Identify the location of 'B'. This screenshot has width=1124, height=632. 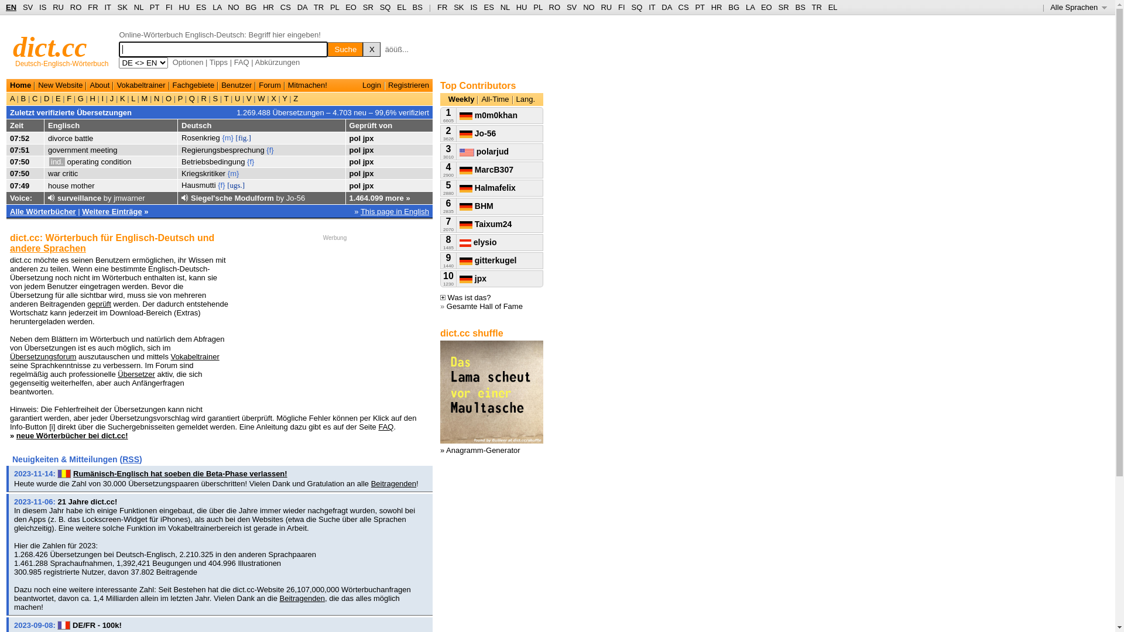
(23, 98).